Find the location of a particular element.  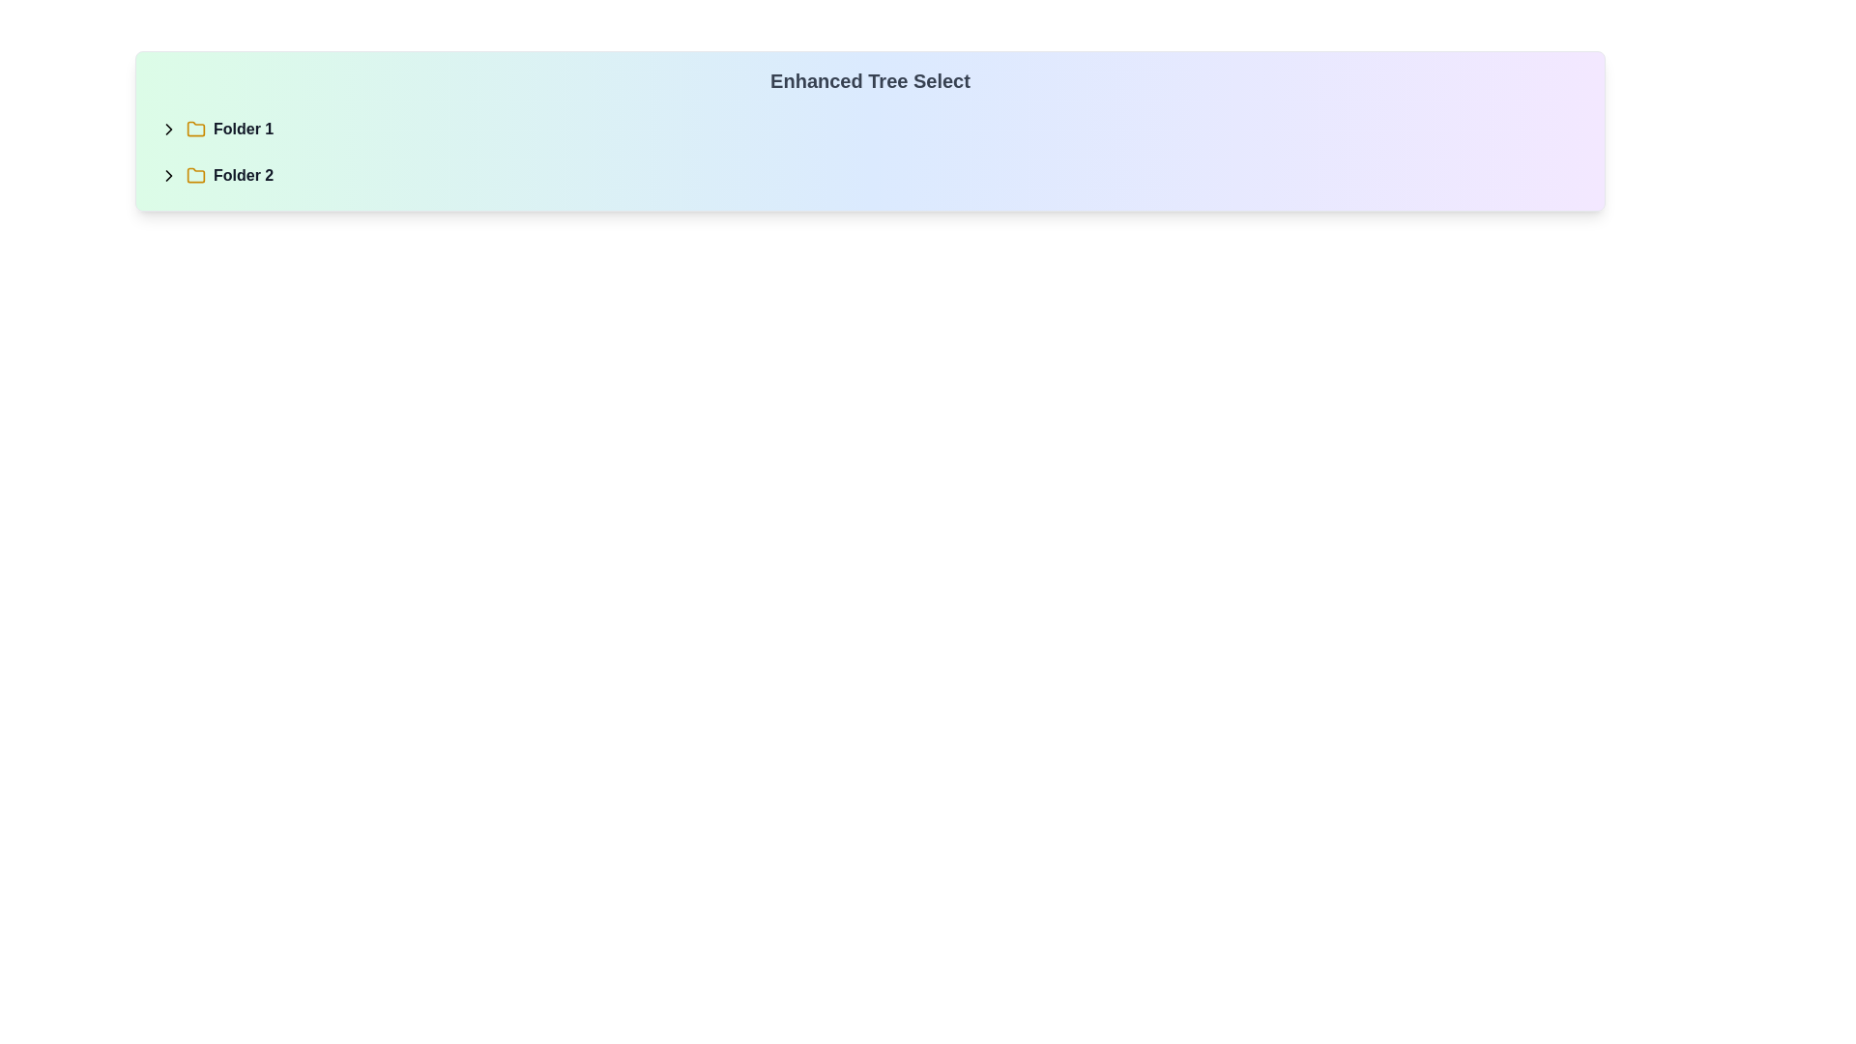

the chevron icon is located at coordinates (168, 175).